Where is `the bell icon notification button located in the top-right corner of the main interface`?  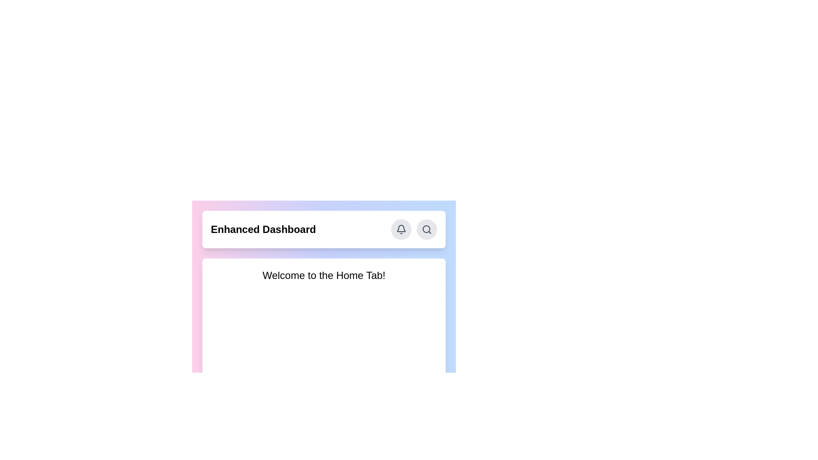
the bell icon notification button located in the top-right corner of the main interface is located at coordinates (400, 229).